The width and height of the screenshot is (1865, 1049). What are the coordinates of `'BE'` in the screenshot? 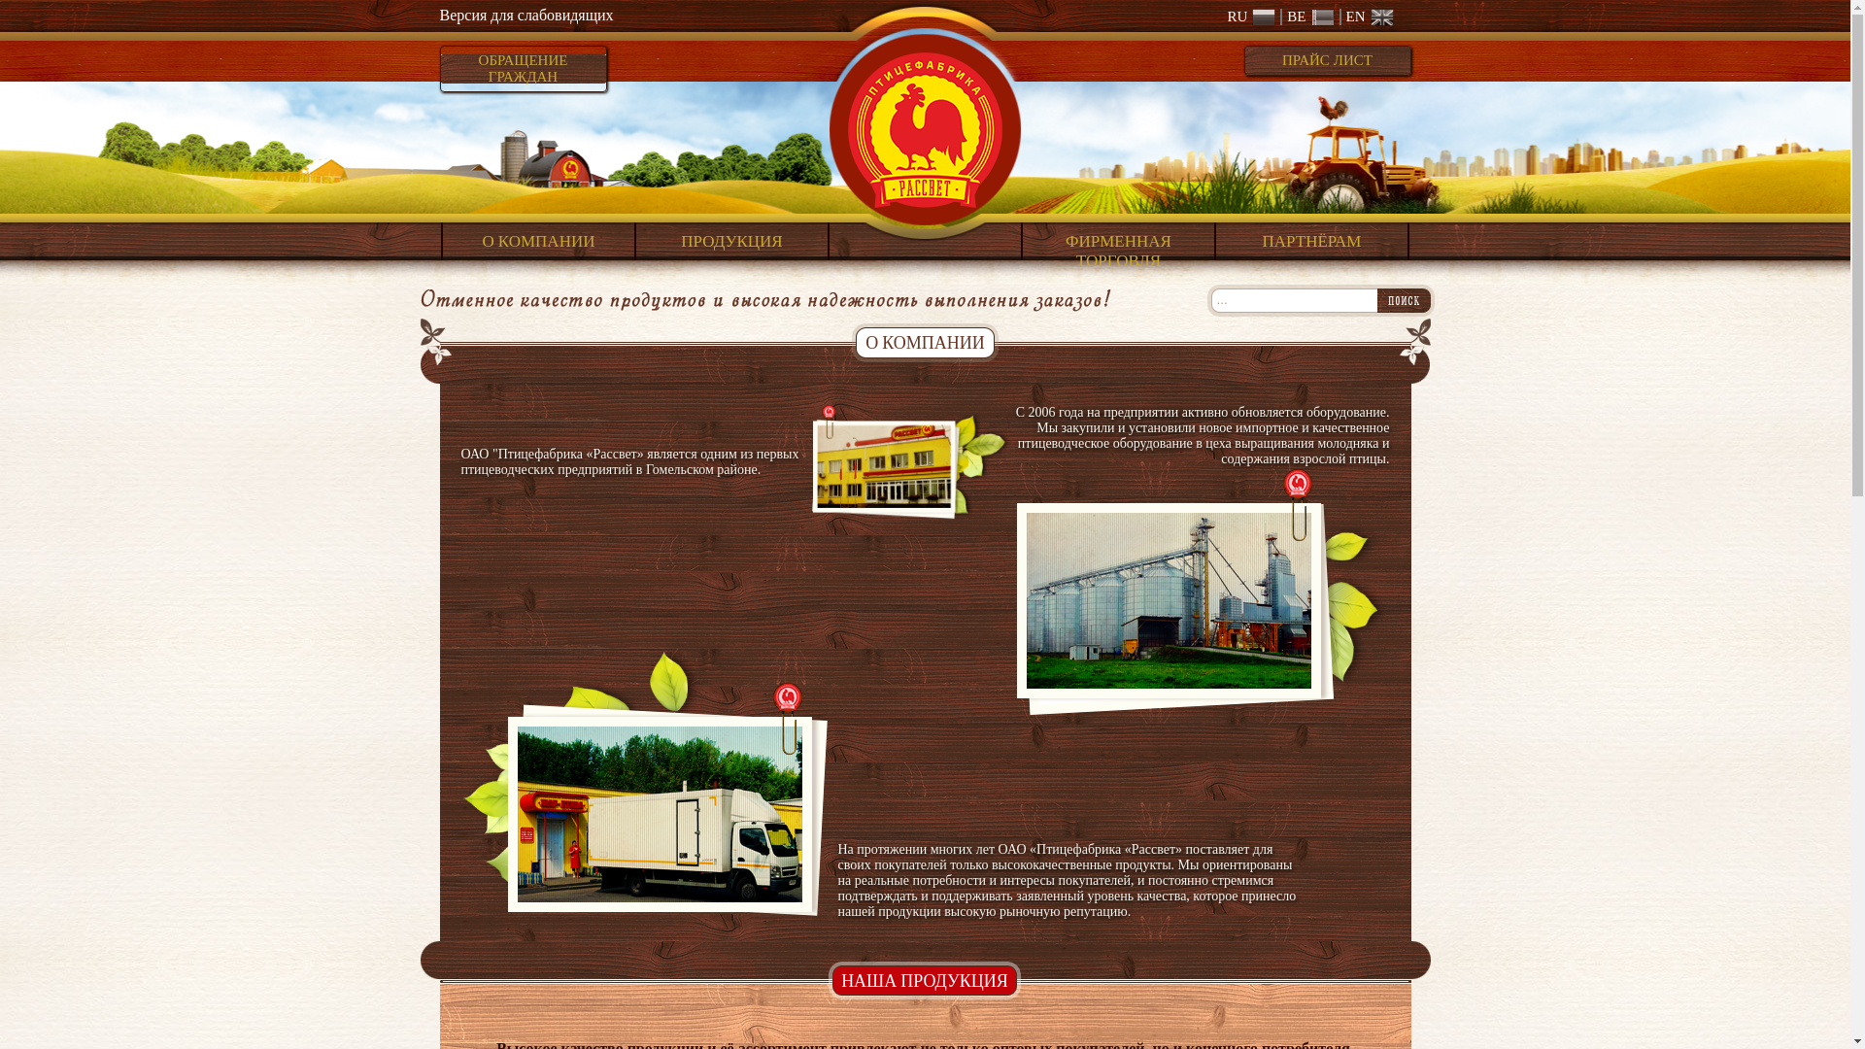 It's located at (1306, 17).